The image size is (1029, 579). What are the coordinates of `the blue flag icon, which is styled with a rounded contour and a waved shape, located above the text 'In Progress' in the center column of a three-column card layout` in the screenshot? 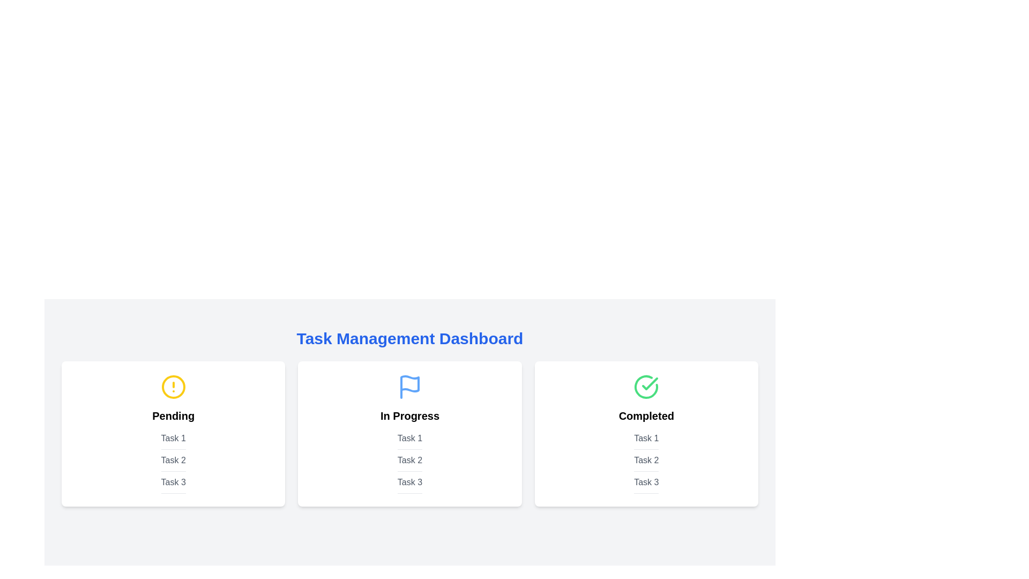 It's located at (409, 387).